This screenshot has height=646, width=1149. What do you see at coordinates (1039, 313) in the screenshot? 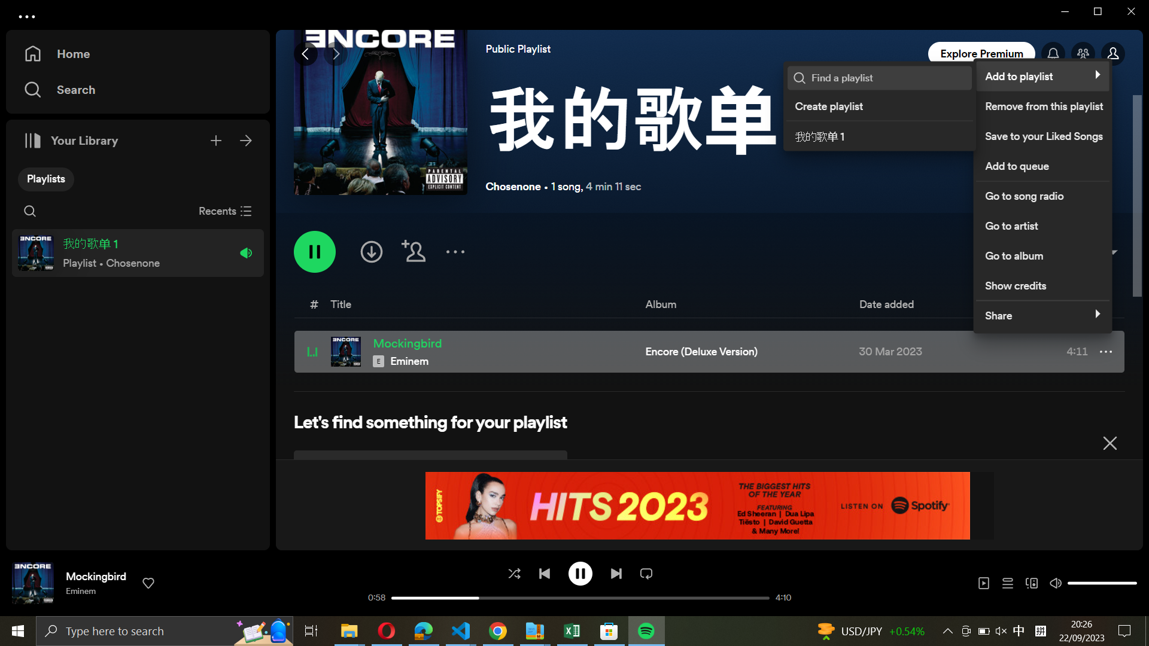
I see `Disseminate the melody` at bounding box center [1039, 313].